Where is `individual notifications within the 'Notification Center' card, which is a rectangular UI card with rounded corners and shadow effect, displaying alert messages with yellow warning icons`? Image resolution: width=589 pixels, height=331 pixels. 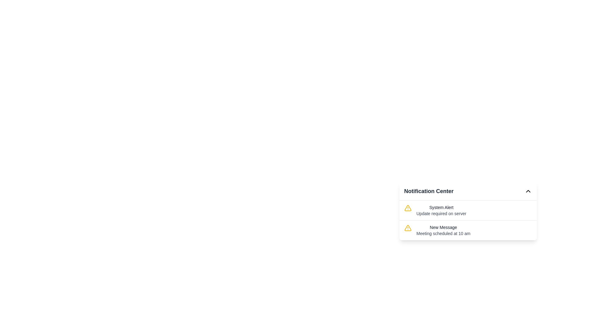
individual notifications within the 'Notification Center' card, which is a rectangular UI card with rounded corners and shadow effect, displaying alert messages with yellow warning icons is located at coordinates (468, 211).